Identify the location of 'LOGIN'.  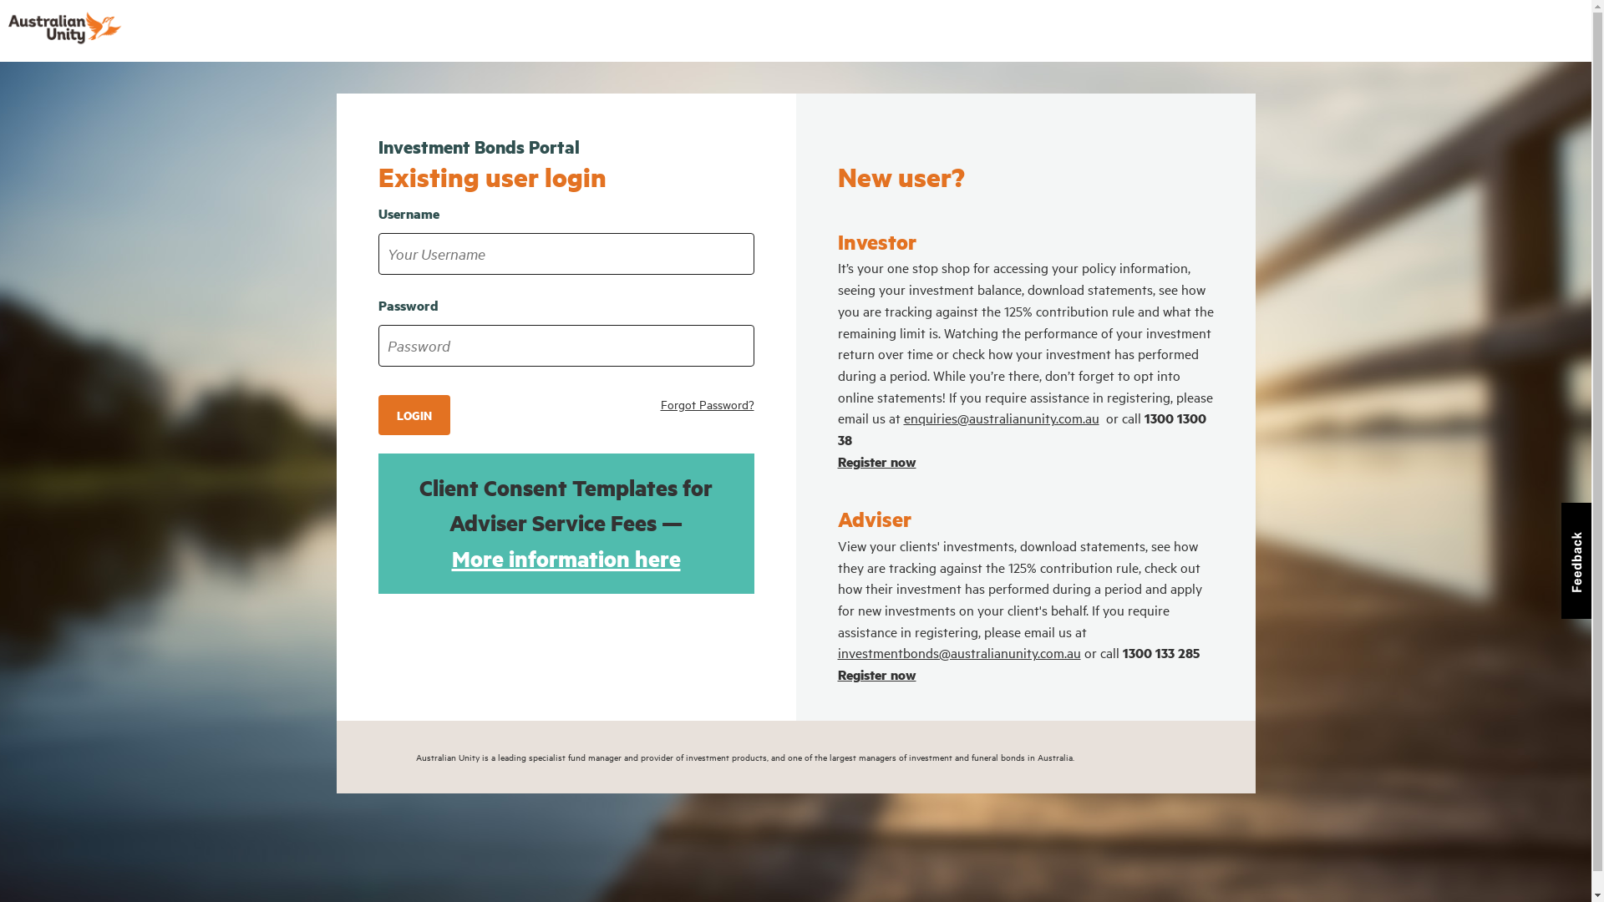
(413, 414).